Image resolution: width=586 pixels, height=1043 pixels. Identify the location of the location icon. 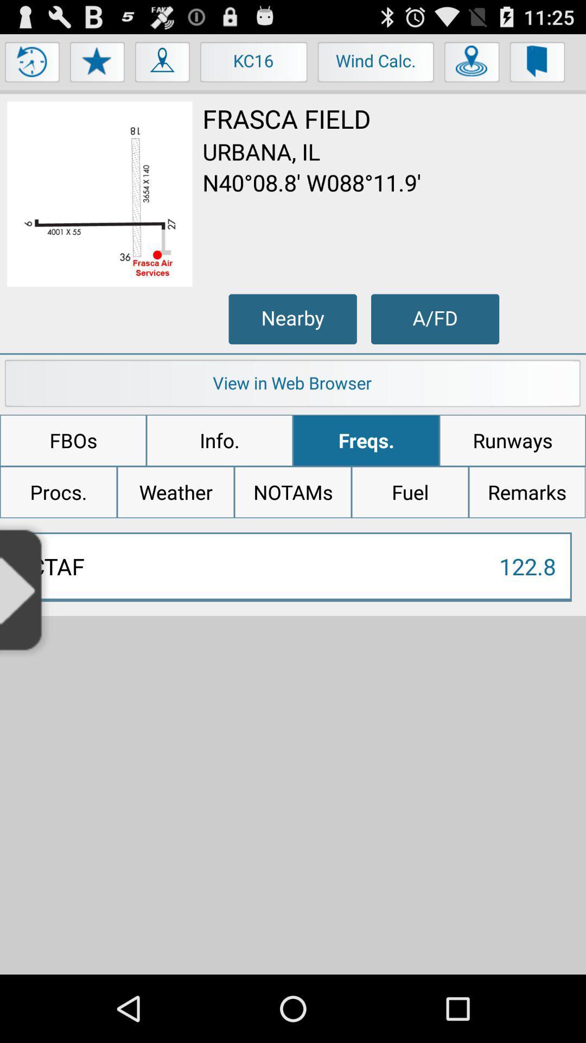
(163, 69).